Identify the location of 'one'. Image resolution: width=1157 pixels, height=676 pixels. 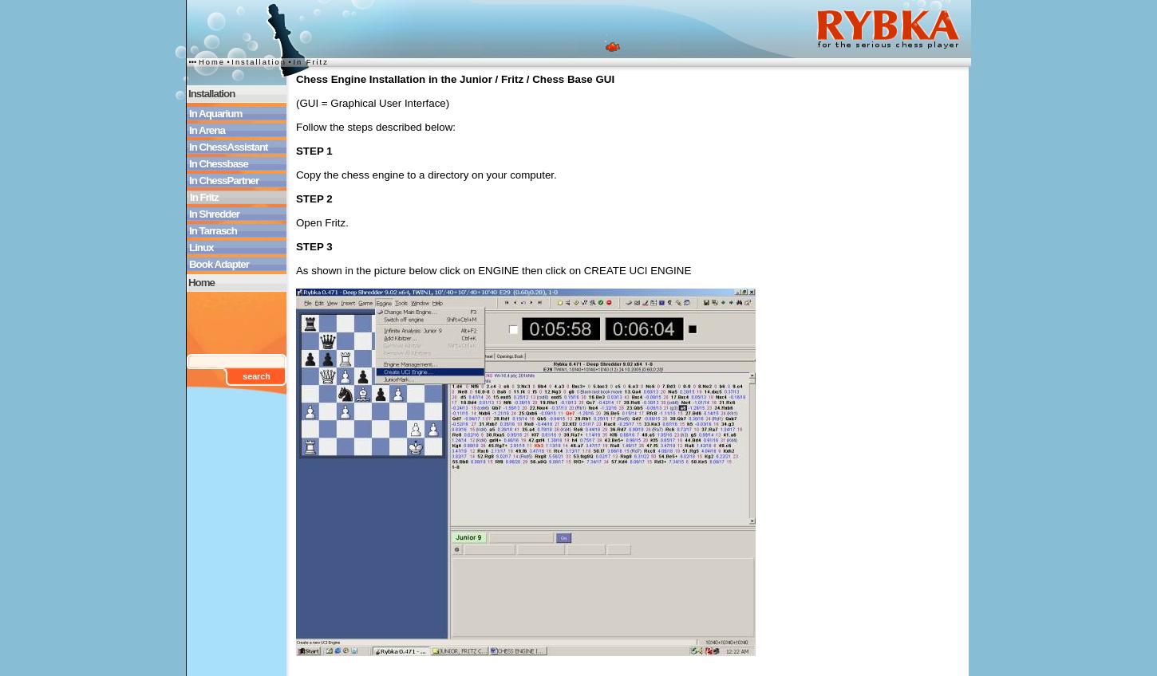
(235, 390).